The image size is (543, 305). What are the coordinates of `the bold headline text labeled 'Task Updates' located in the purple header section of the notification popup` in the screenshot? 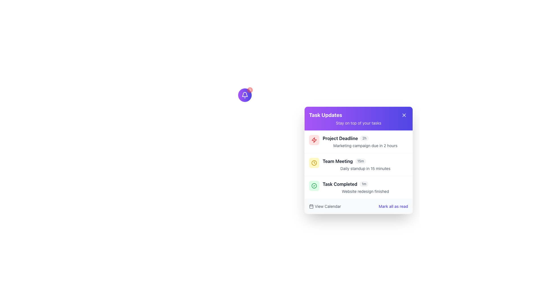 It's located at (326, 115).